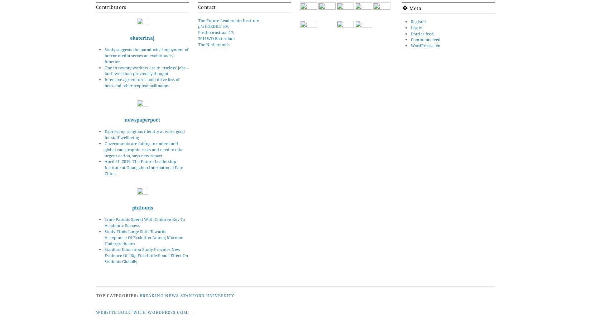  I want to click on '.', so click(188, 312).